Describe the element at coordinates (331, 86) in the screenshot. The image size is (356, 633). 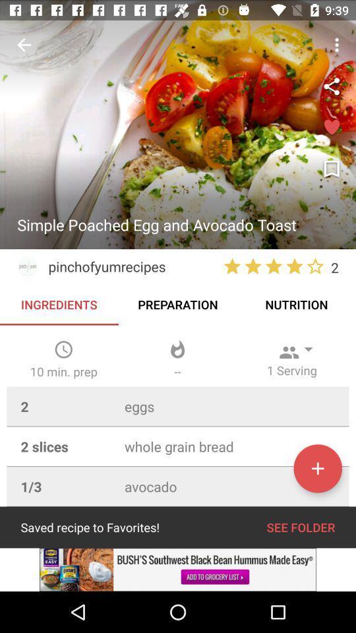
I see `the share icon` at that location.